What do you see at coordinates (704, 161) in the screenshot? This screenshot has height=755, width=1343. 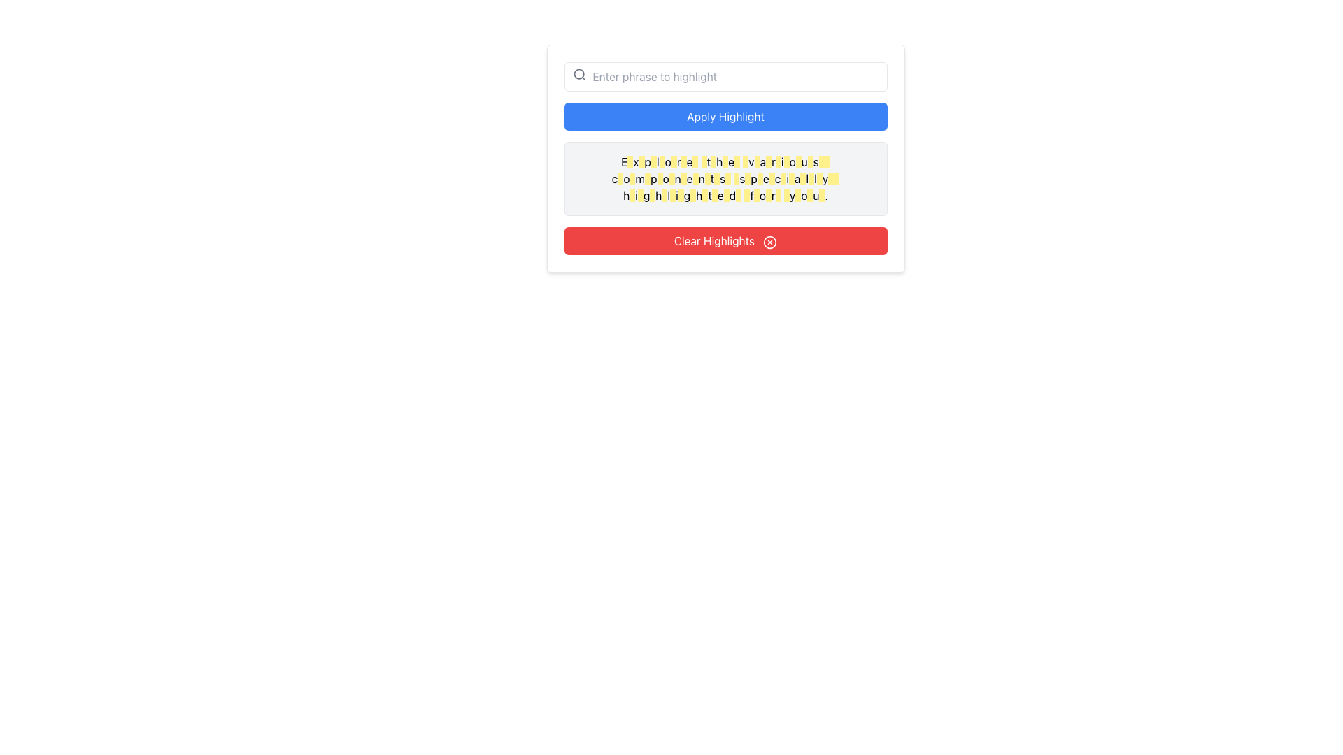 I see `the eighth highlighted component with a yellow background and dark yellow text color, located within the sentence block that reads 'Explore the various components specially highlighted for you.'` at bounding box center [704, 161].